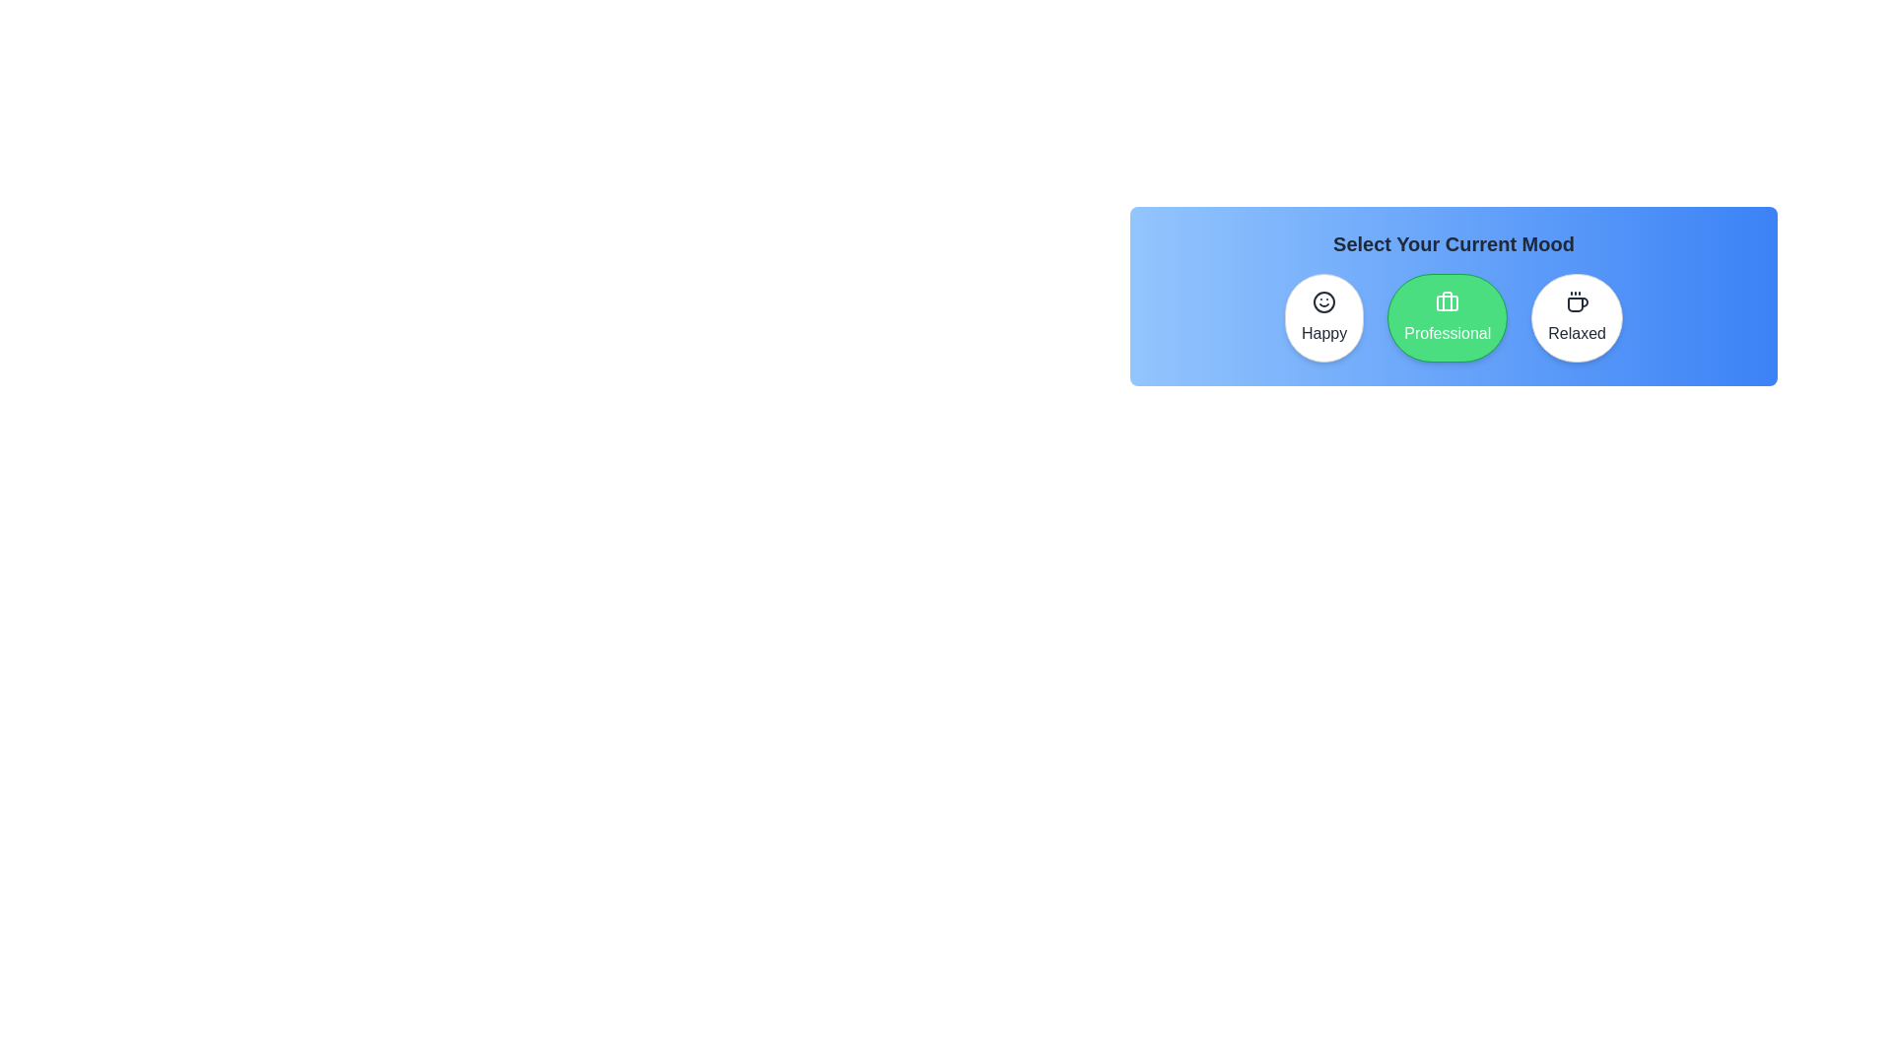 The width and height of the screenshot is (1892, 1064). Describe the element at coordinates (1324, 317) in the screenshot. I see `the mood button labeled Happy` at that location.